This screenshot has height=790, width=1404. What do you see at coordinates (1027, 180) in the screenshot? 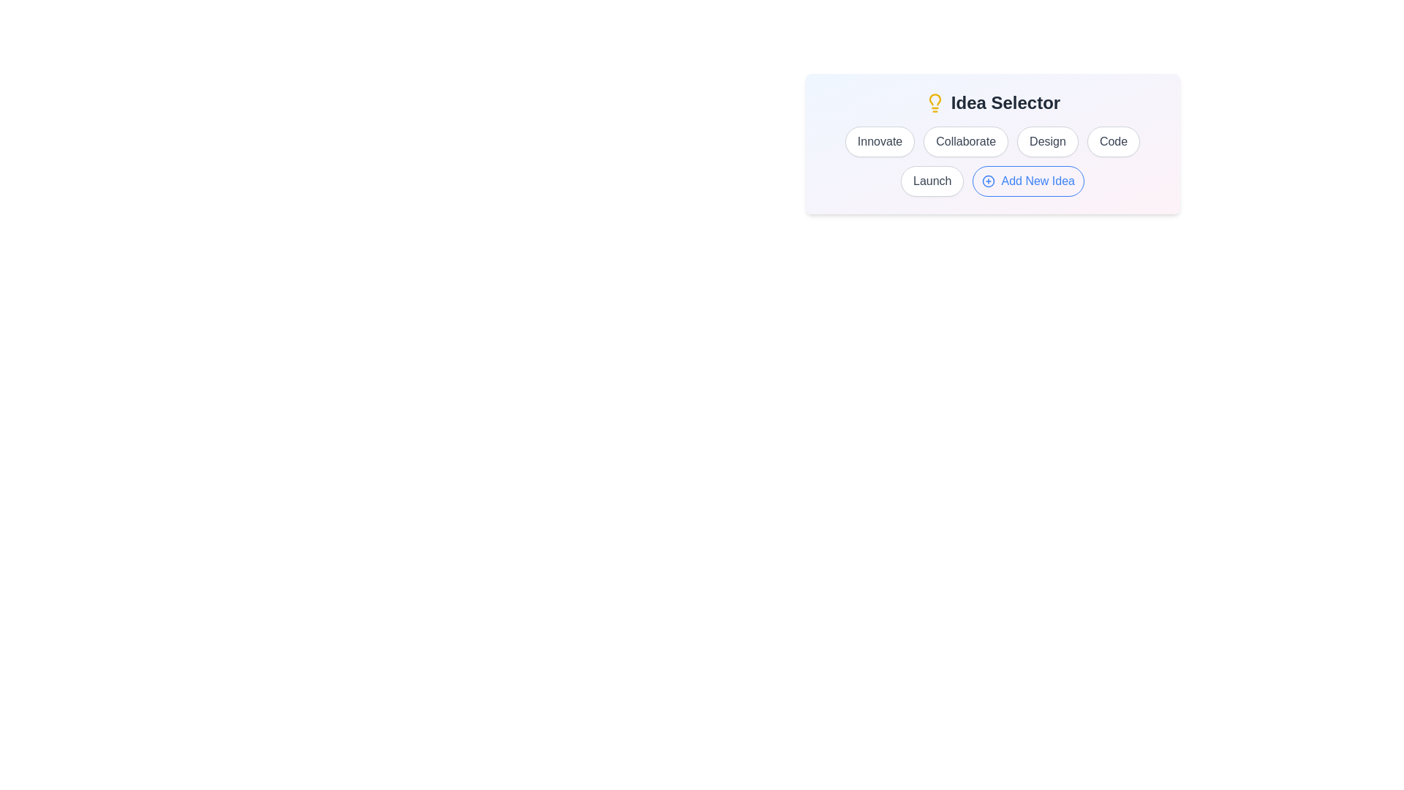
I see `the 'Add New Idea' button to add a new idea` at bounding box center [1027, 180].